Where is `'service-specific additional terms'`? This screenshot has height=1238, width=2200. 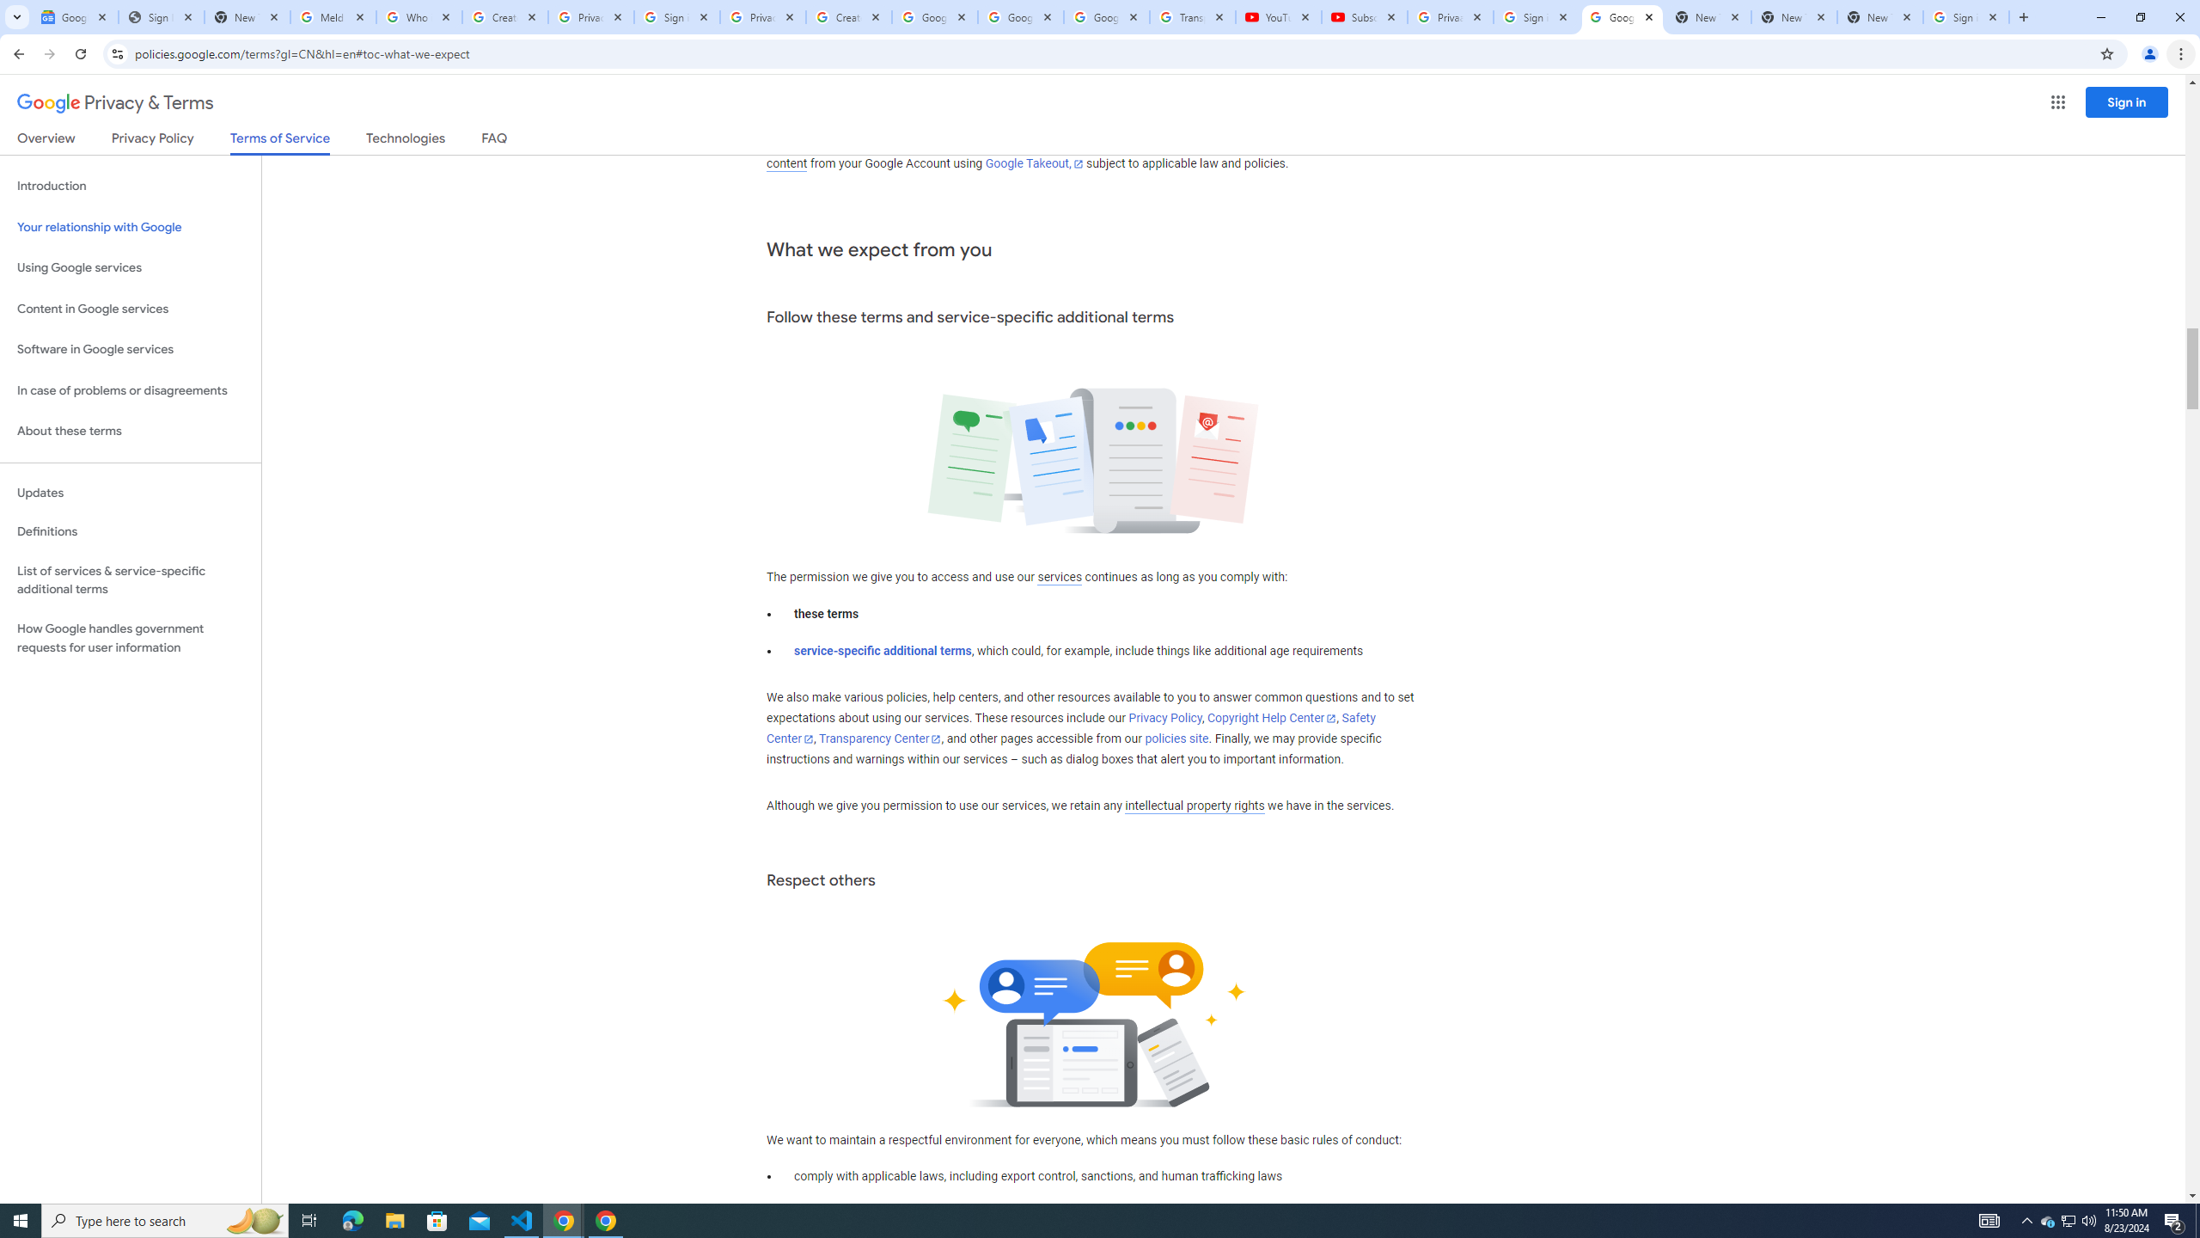
'service-specific additional terms' is located at coordinates (883, 652).